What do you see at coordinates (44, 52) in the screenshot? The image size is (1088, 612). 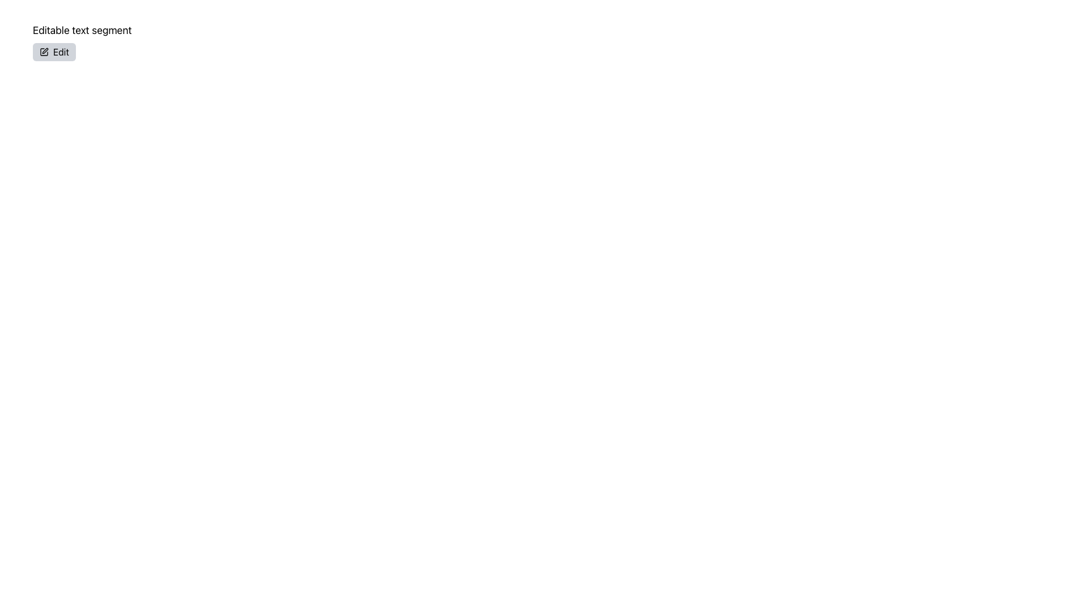 I see `the edit icon located at the start of the 'Edit' button, which is positioned below the 'Editable text segment'` at bounding box center [44, 52].